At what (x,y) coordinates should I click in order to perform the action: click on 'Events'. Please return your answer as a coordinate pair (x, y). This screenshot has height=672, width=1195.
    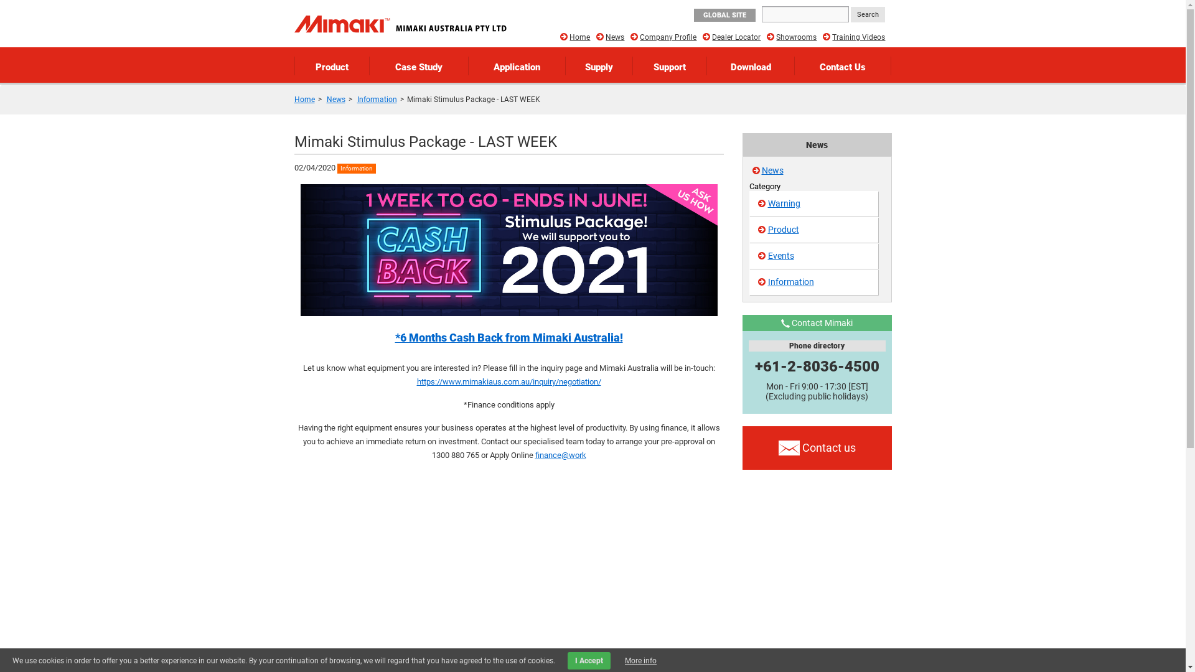
    Looking at the image, I should click on (813, 255).